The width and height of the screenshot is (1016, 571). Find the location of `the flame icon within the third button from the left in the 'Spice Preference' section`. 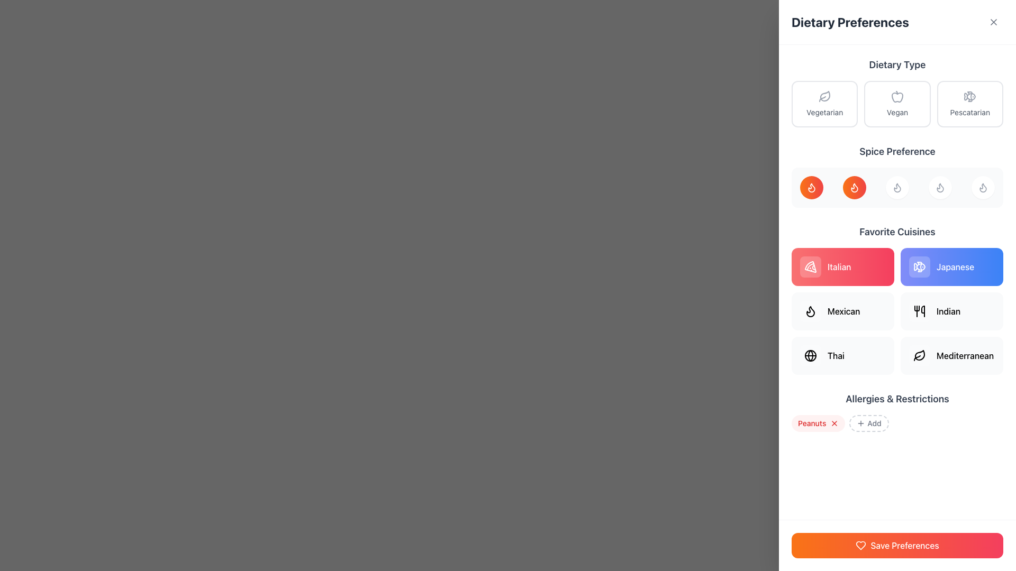

the flame icon within the third button from the left in the 'Spice Preference' section is located at coordinates (940, 187).